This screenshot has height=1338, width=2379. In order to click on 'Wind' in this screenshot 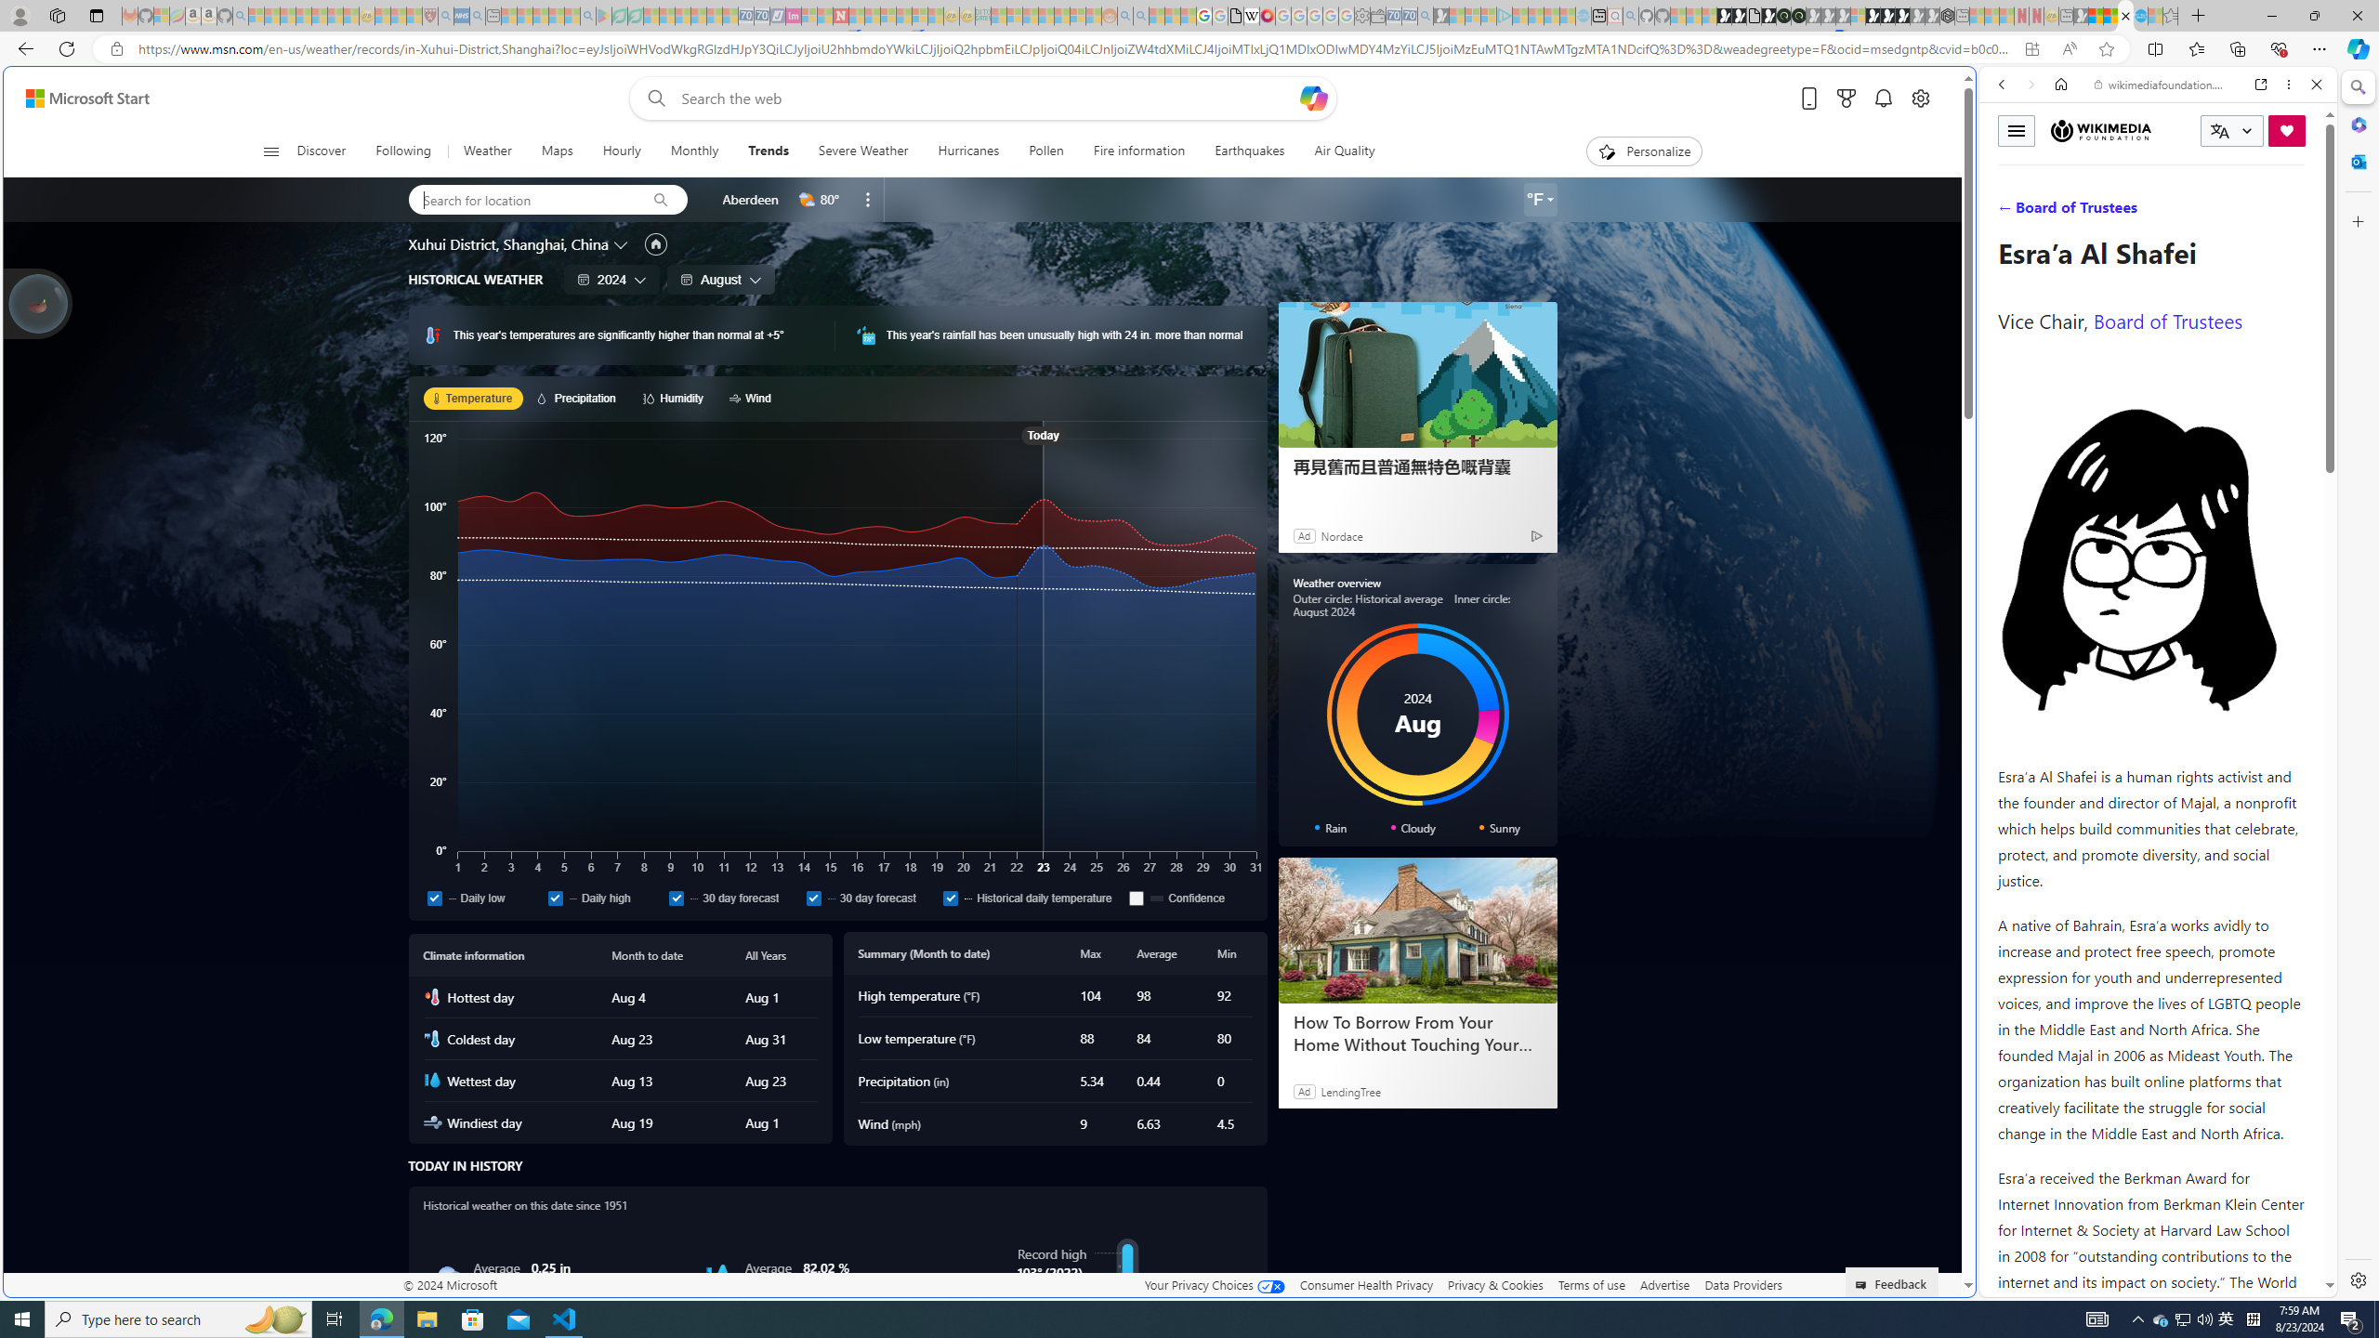, I will do `click(753, 398)`.